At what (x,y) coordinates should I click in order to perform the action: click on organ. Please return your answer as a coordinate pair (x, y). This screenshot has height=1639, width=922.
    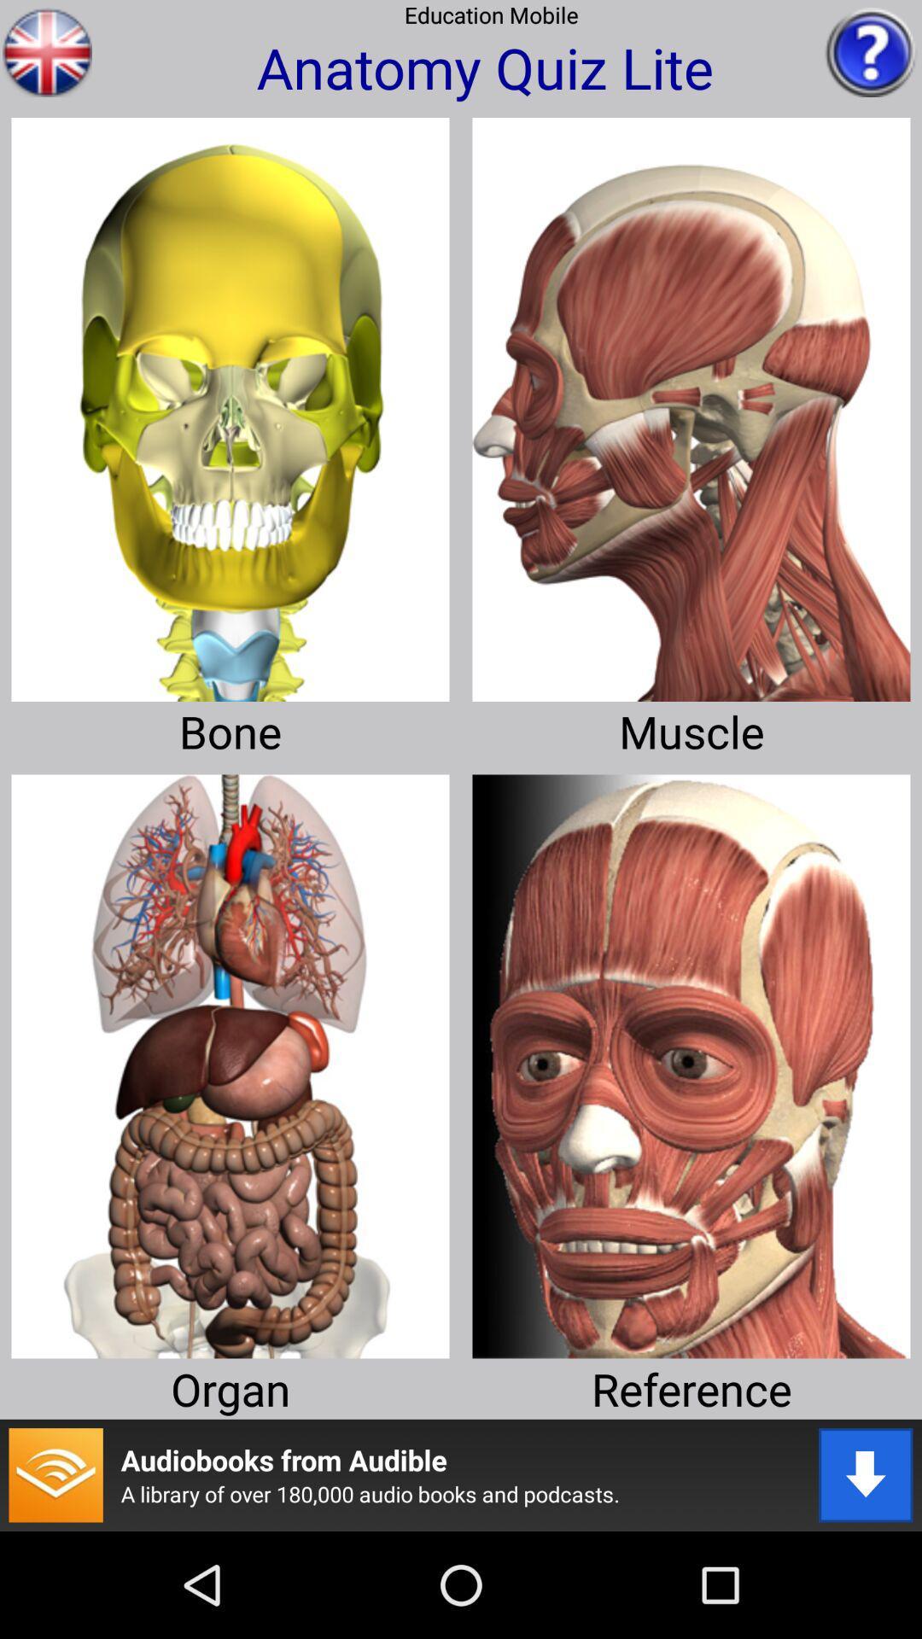
    Looking at the image, I should click on (230, 1059).